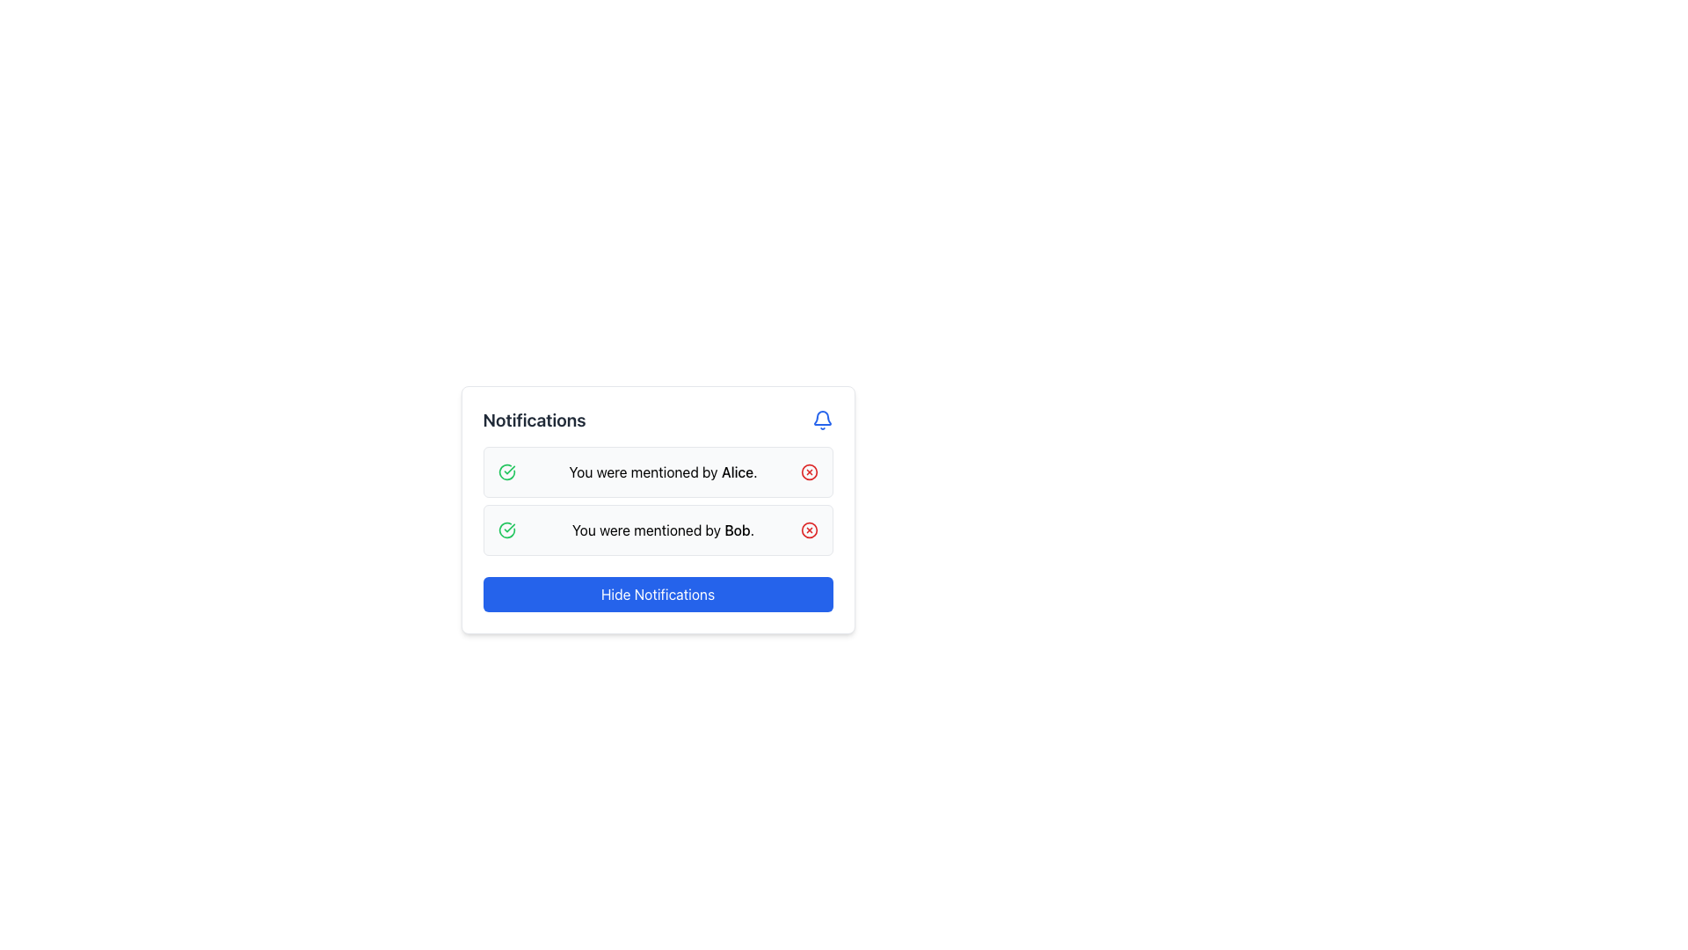  Describe the element at coordinates (808, 529) in the screenshot. I see `the dismissal button located at the top-right section of the notification card for 'You were mentioned by Bob.'` at that location.